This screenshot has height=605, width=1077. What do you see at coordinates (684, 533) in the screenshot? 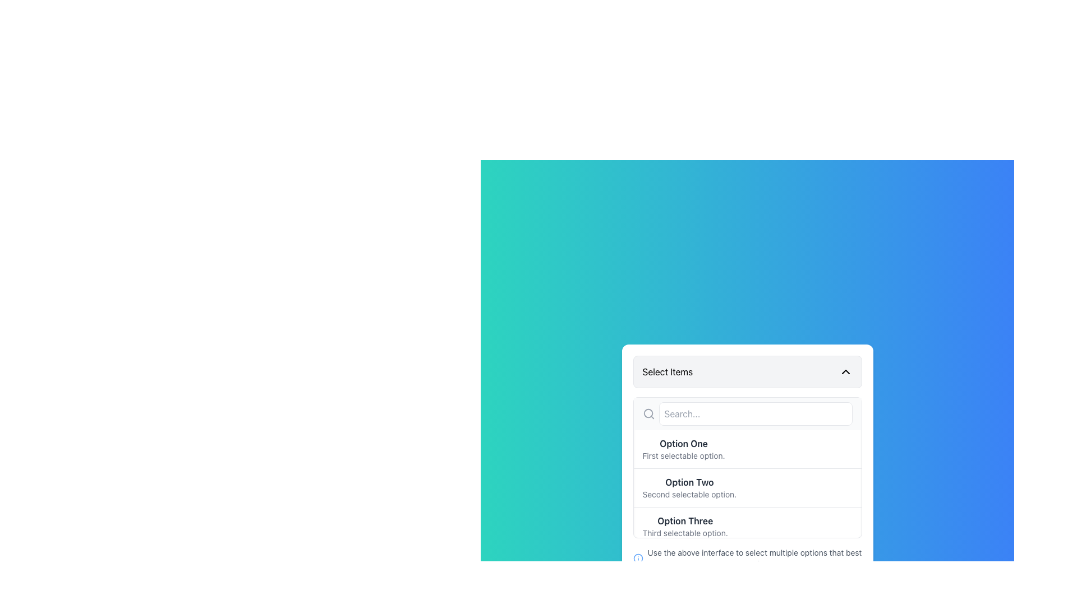
I see `the text label providing additional detail for 'Option Three' in the dropdown menu, located directly beneath the 'Option Three' text` at bounding box center [684, 533].